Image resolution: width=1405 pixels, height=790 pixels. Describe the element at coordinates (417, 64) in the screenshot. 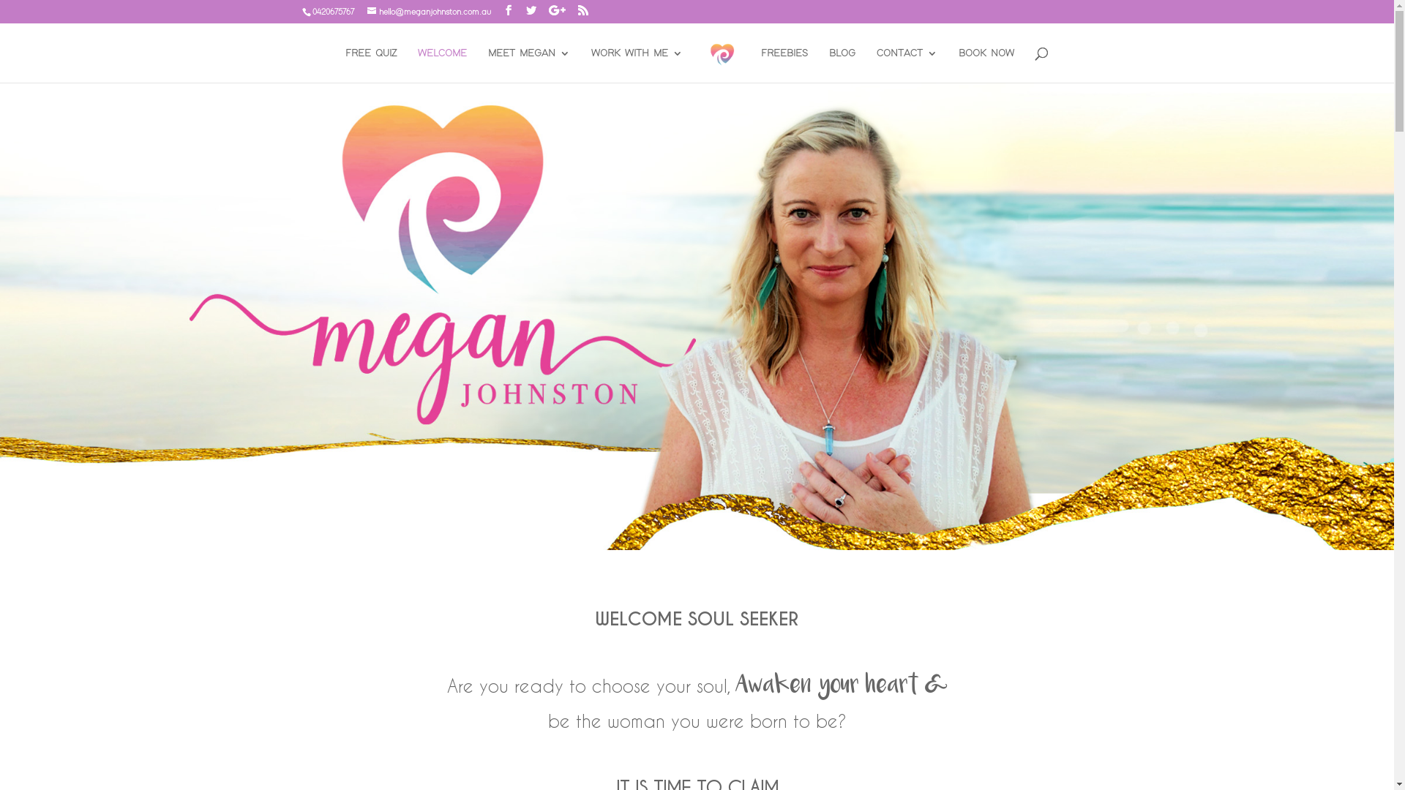

I see `'WELCOME'` at that location.